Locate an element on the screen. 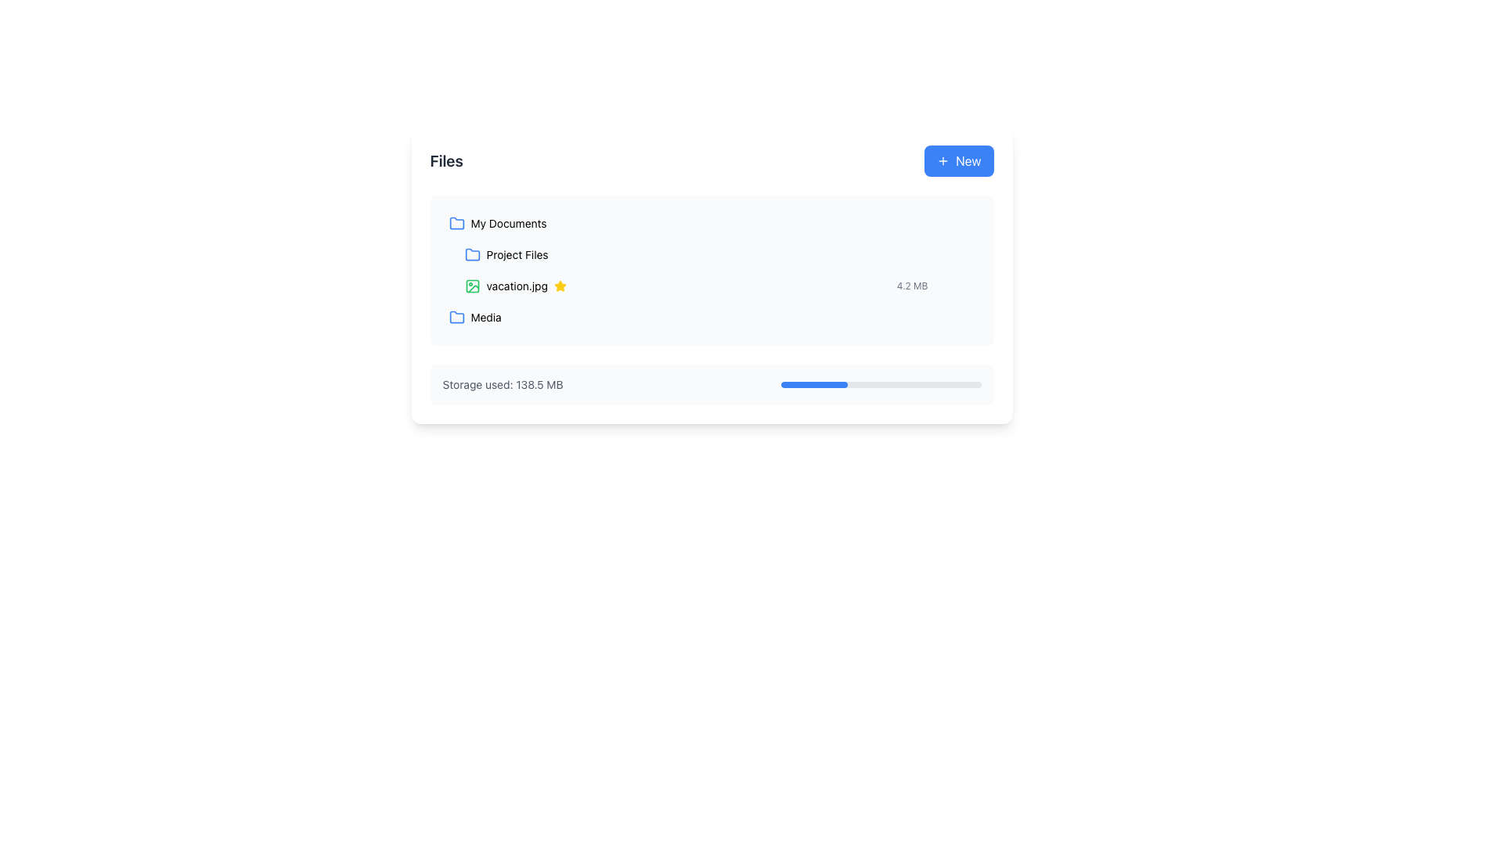 The width and height of the screenshot is (1503, 845). the green graphical icon resembling a photo, which is positioned before the text 'vacation.jpg' is located at coordinates (471, 286).